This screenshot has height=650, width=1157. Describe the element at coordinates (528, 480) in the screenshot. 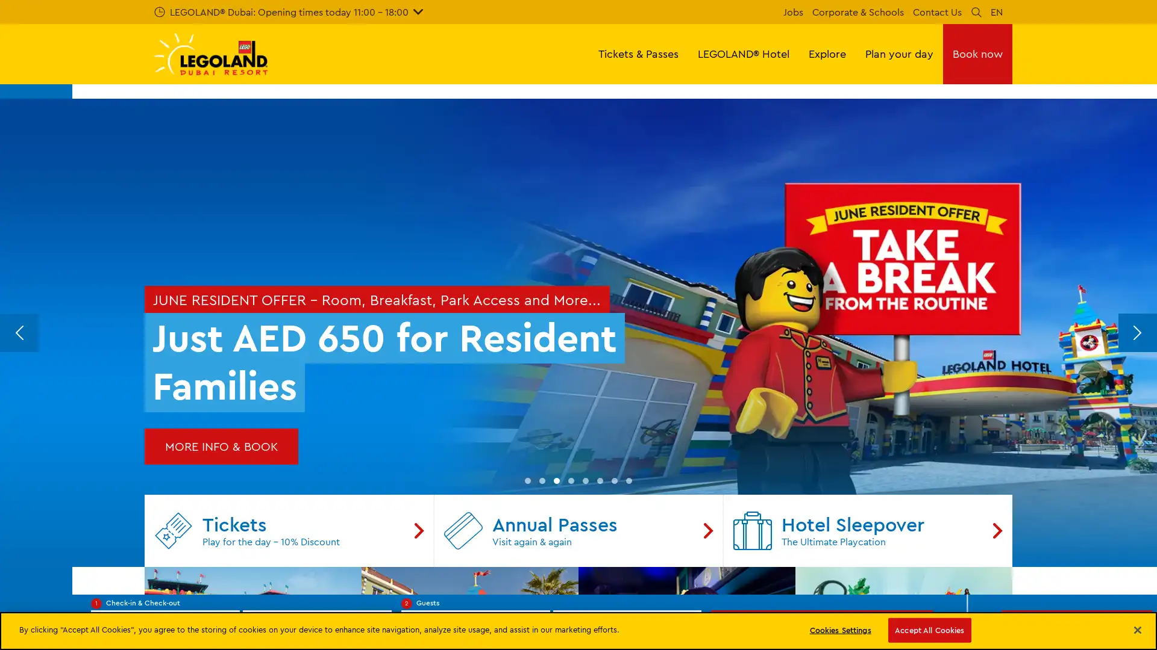

I see `Go to slide 1` at that location.